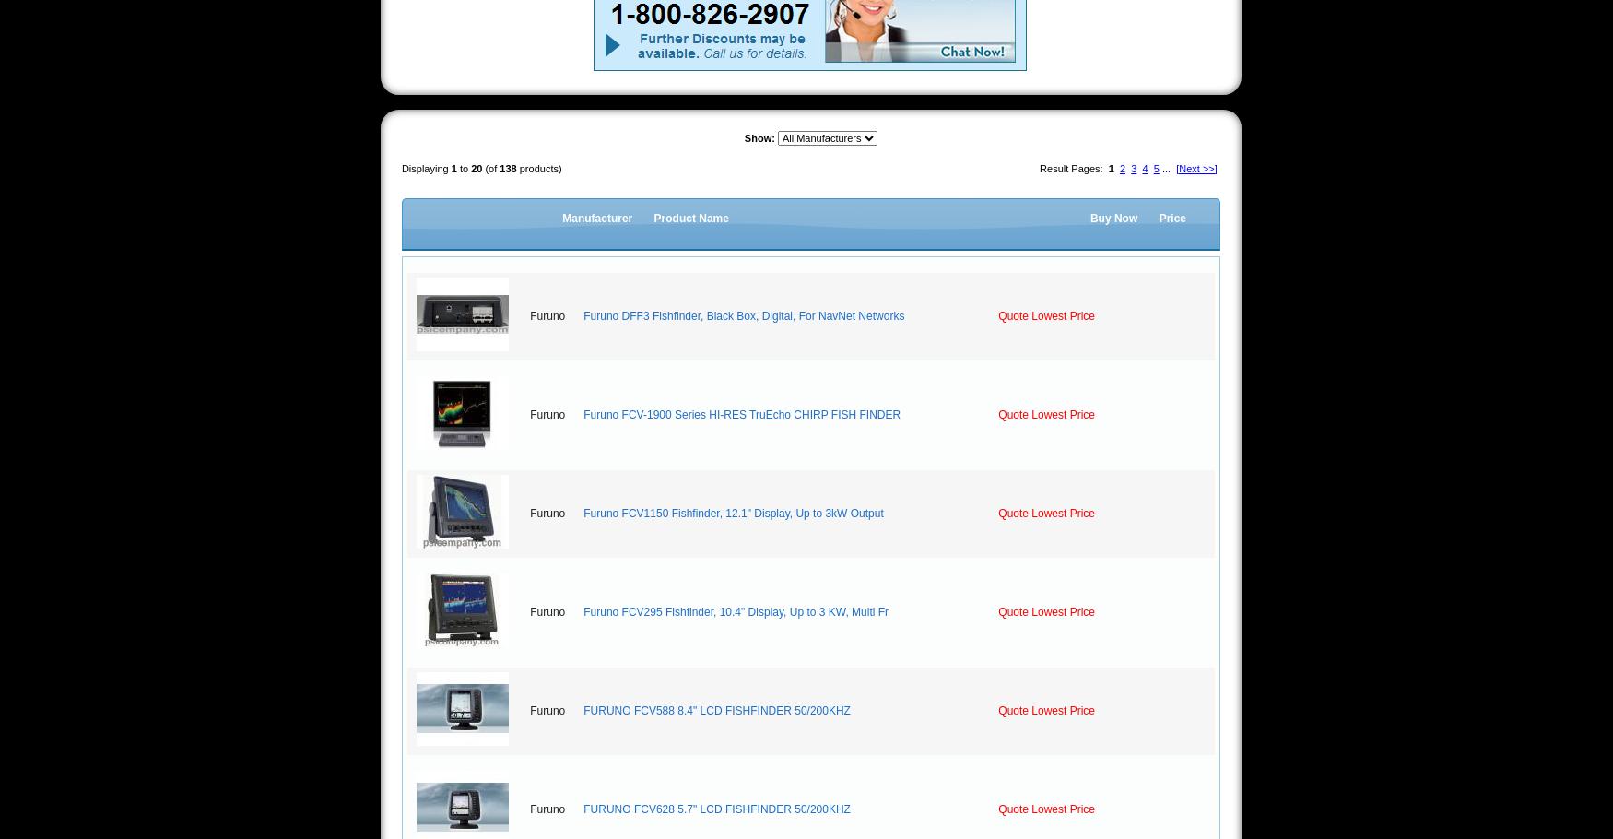  I want to click on '[Next >>]', so click(1195, 168).